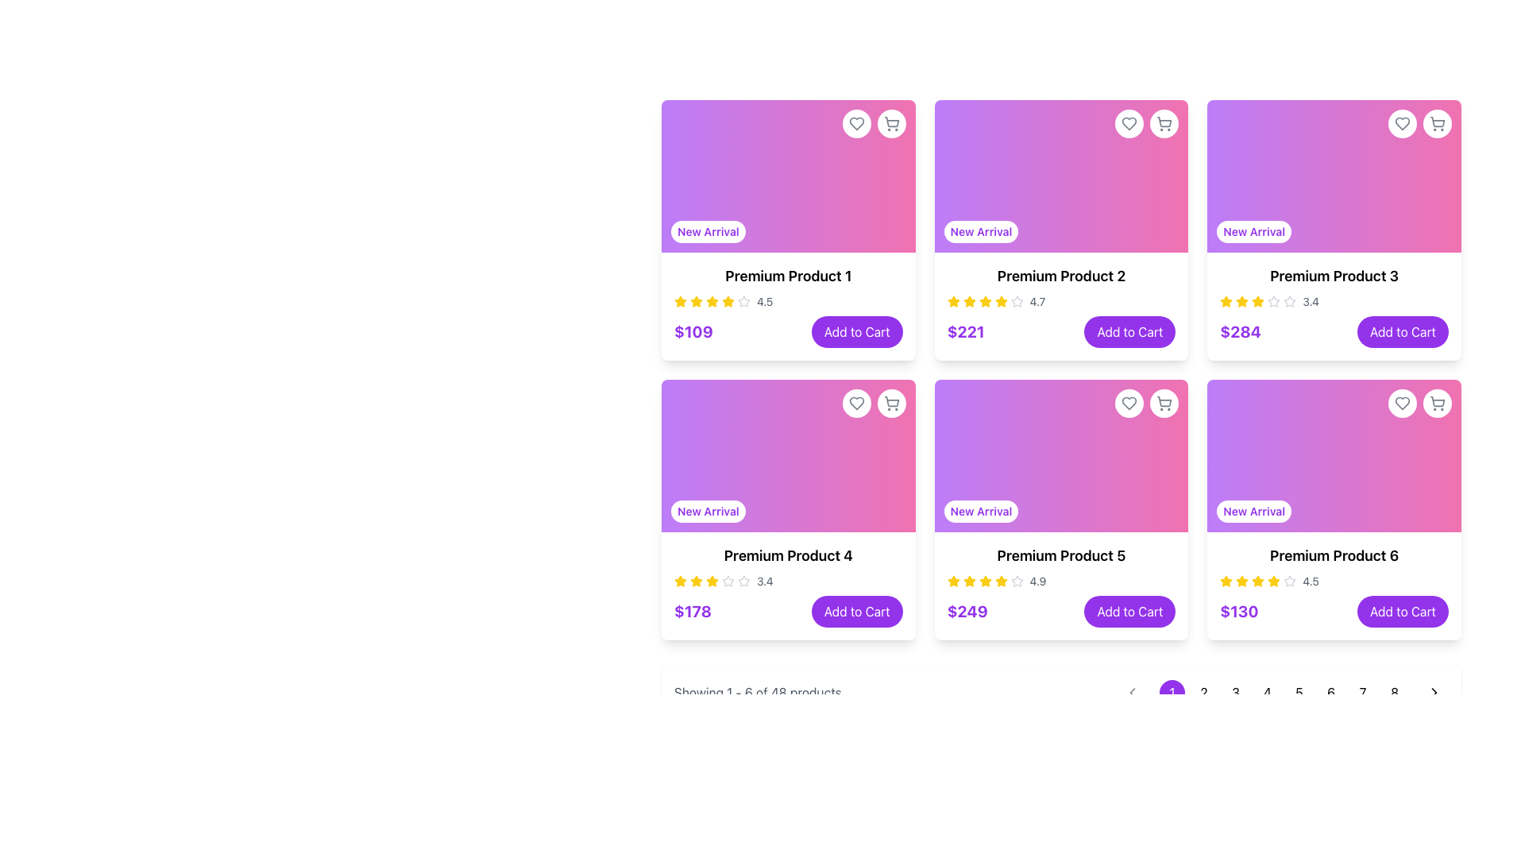 This screenshot has width=1525, height=858. I want to click on the heart-shaped favorite button icon located at the upper-right corner of the fourth product card, so click(1129, 403).